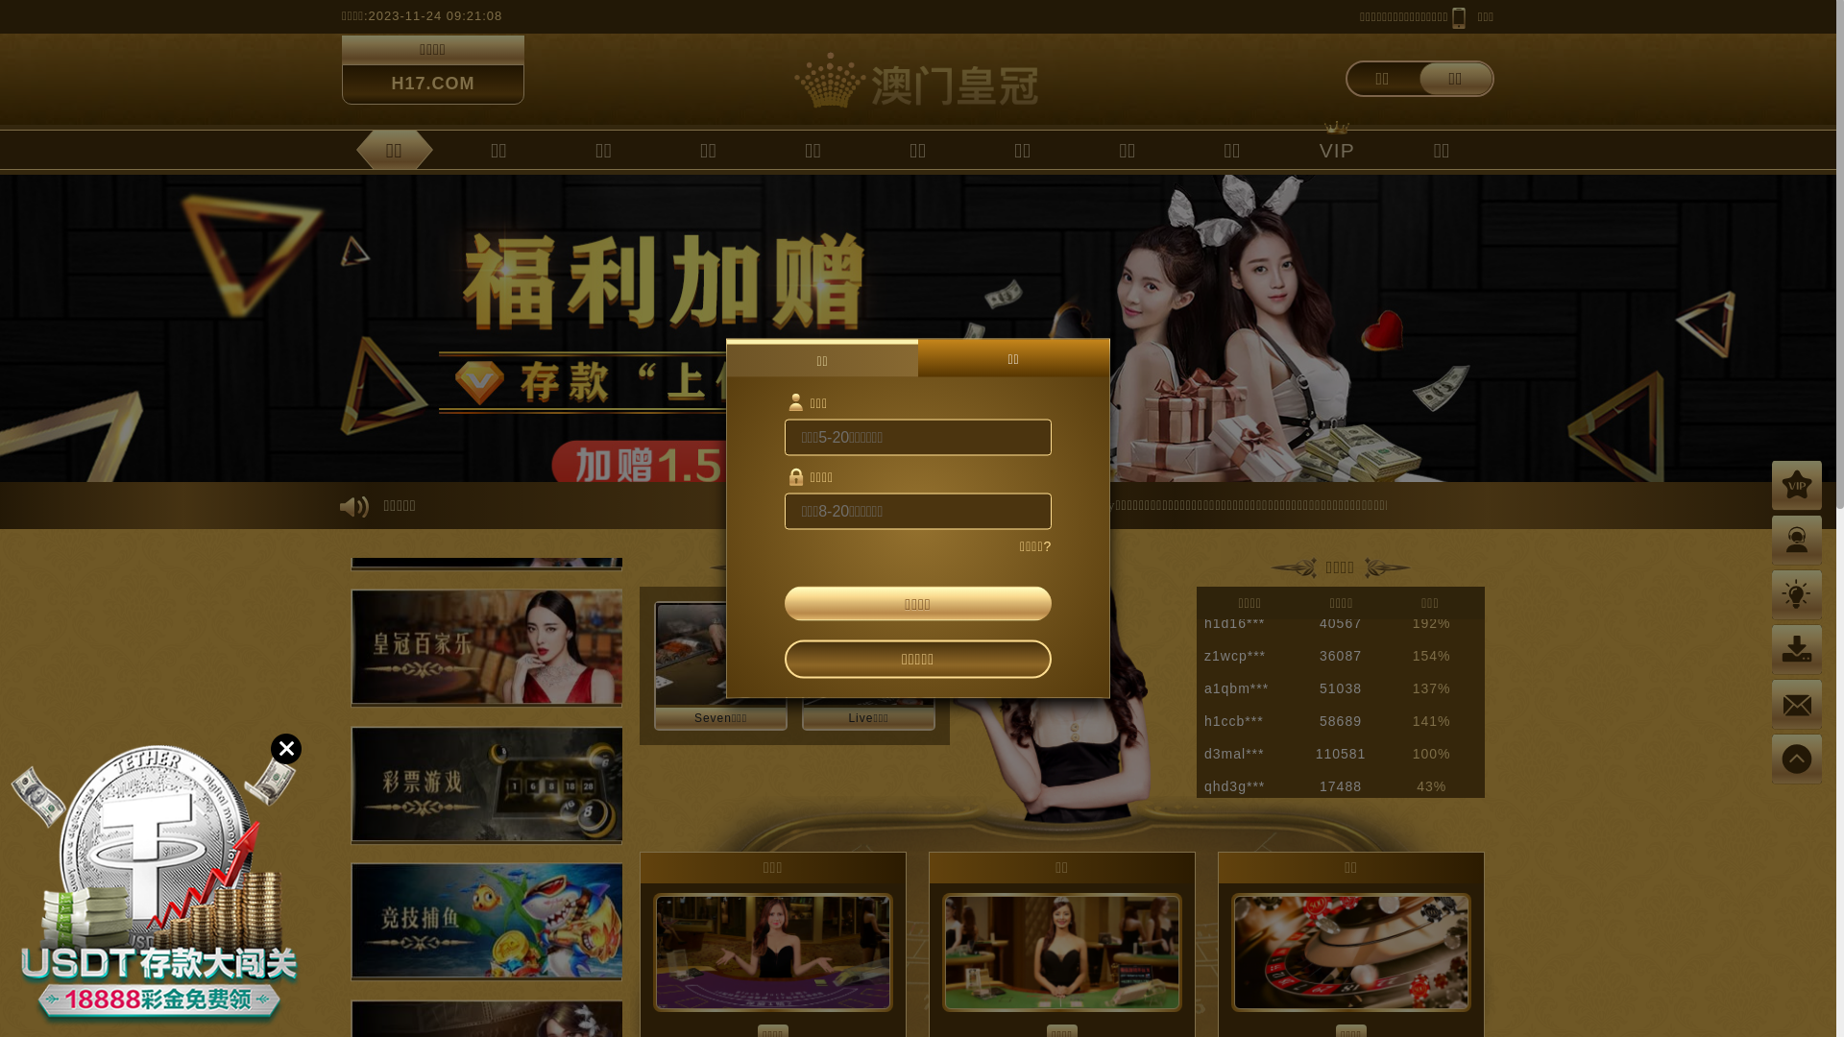  I want to click on 'VIP', so click(1336, 148).